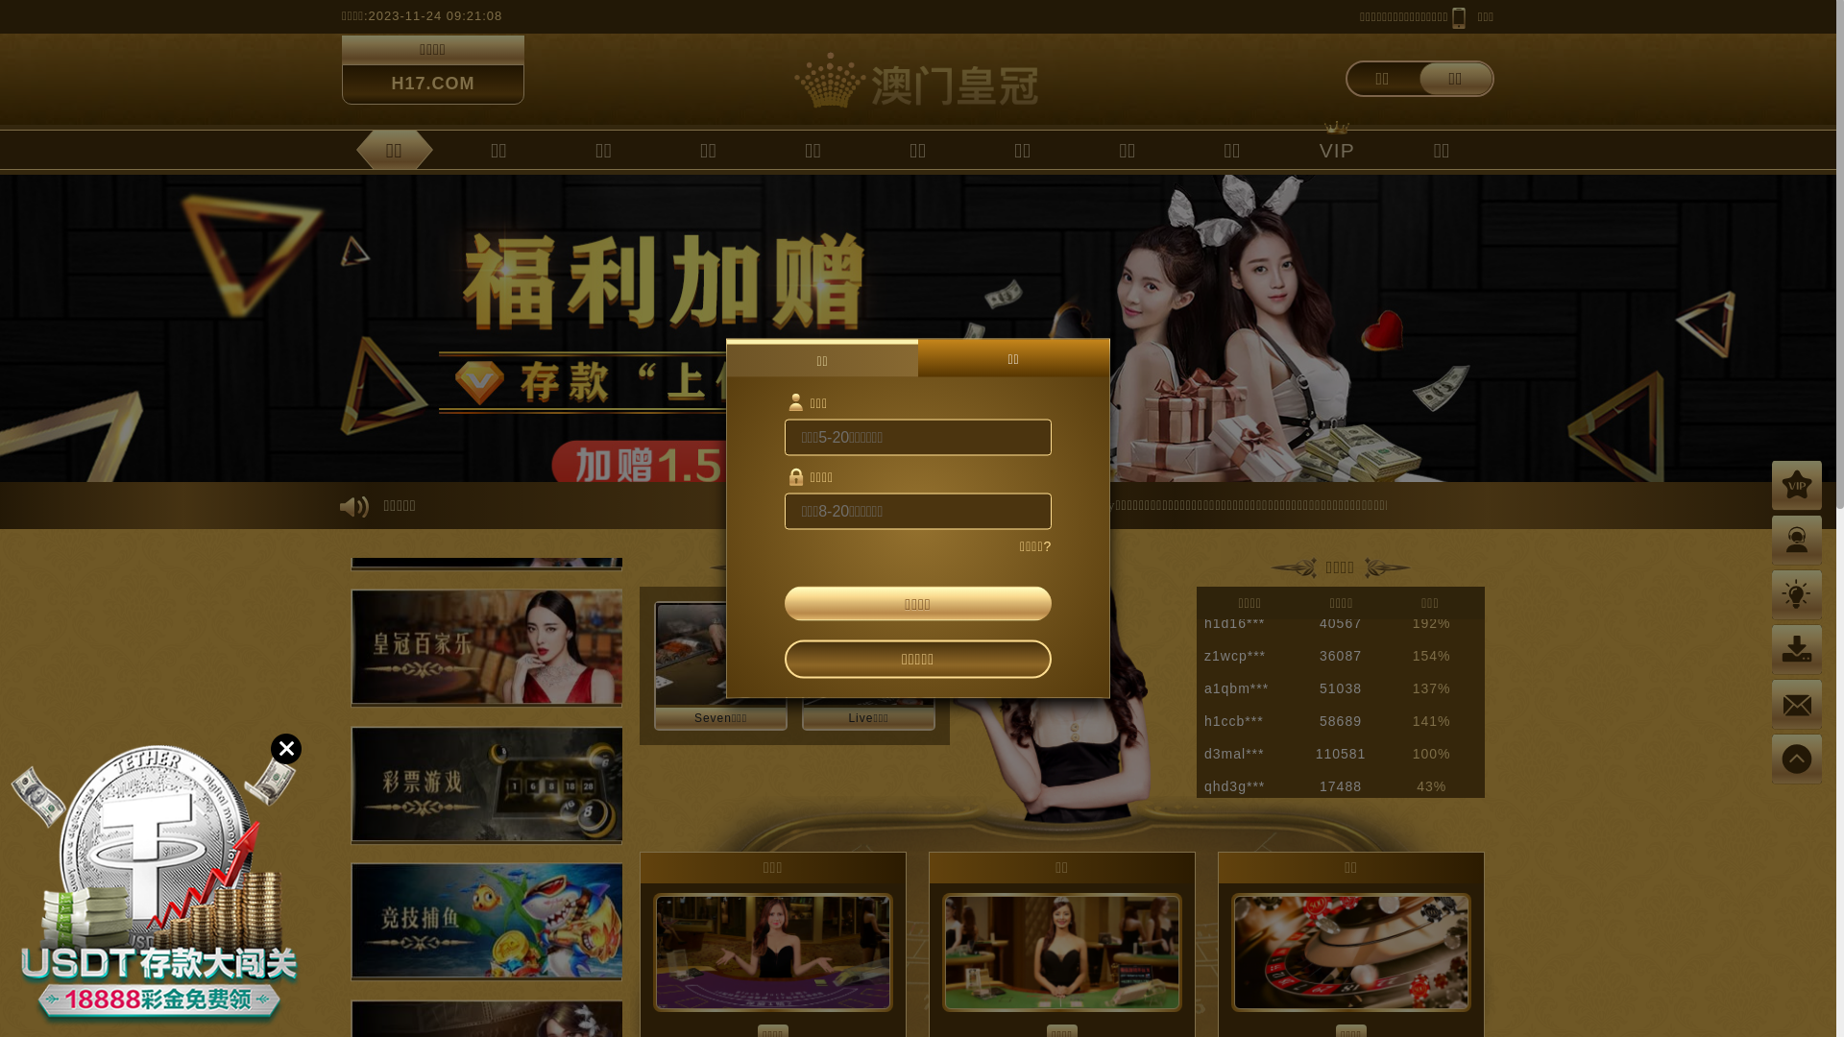  I want to click on 'VIP', so click(1336, 148).